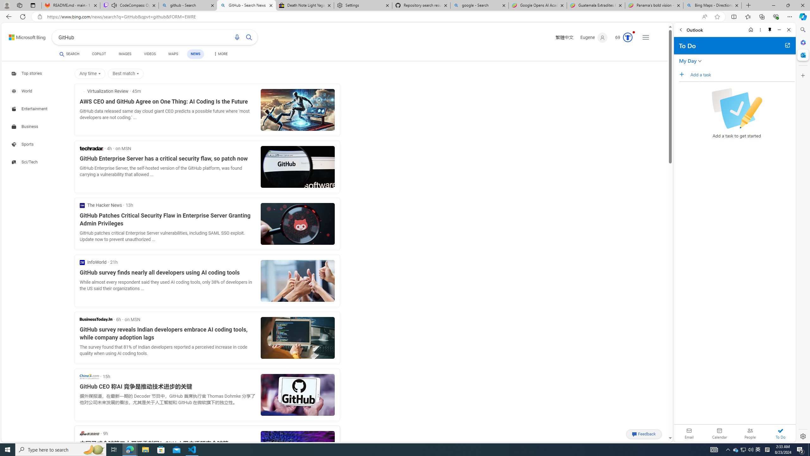 This screenshot has width=810, height=456. Describe the element at coordinates (93, 262) in the screenshot. I see `'Search news from InfoWorld'` at that location.